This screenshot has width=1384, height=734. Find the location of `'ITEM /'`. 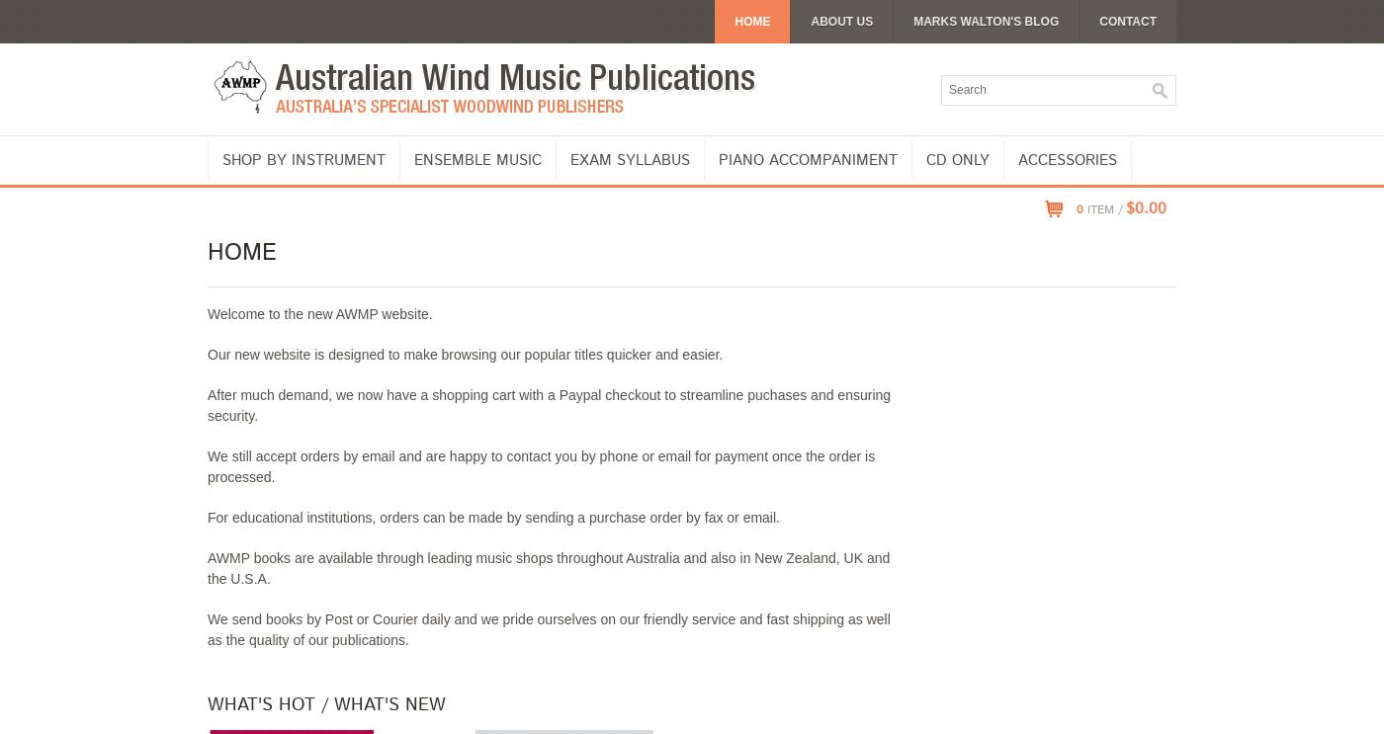

'ITEM /' is located at coordinates (1101, 208).